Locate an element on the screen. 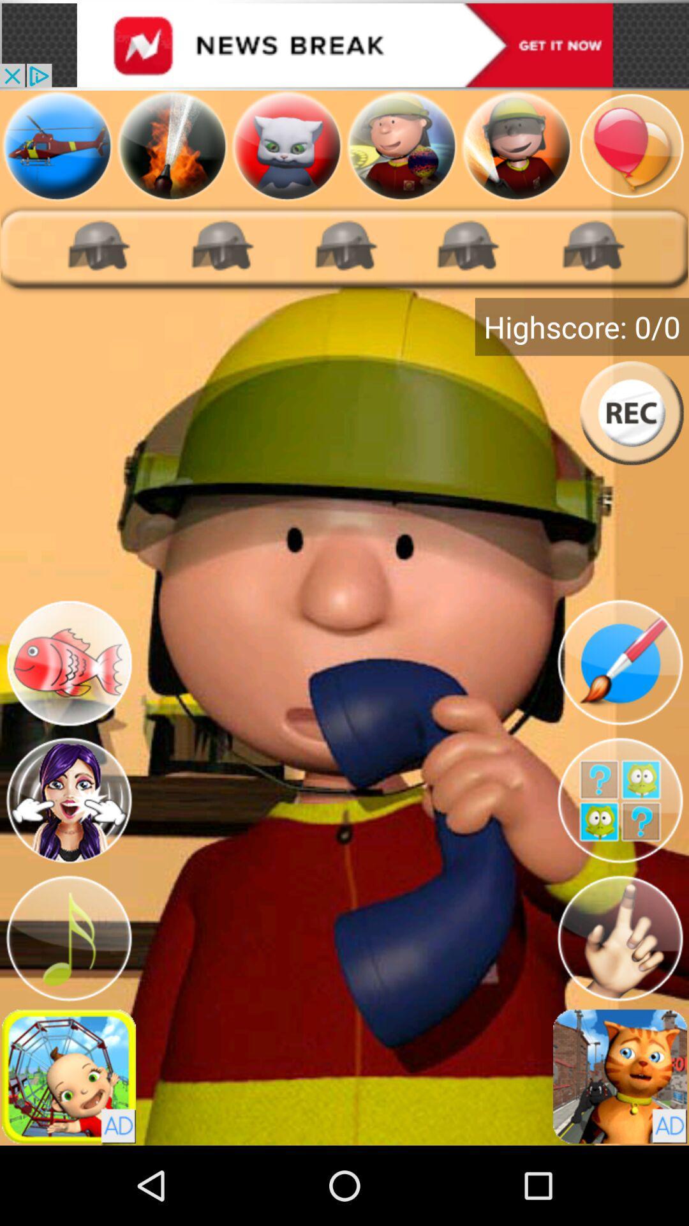 Image resolution: width=689 pixels, height=1226 pixels. link in advertisement is located at coordinates (344, 45).